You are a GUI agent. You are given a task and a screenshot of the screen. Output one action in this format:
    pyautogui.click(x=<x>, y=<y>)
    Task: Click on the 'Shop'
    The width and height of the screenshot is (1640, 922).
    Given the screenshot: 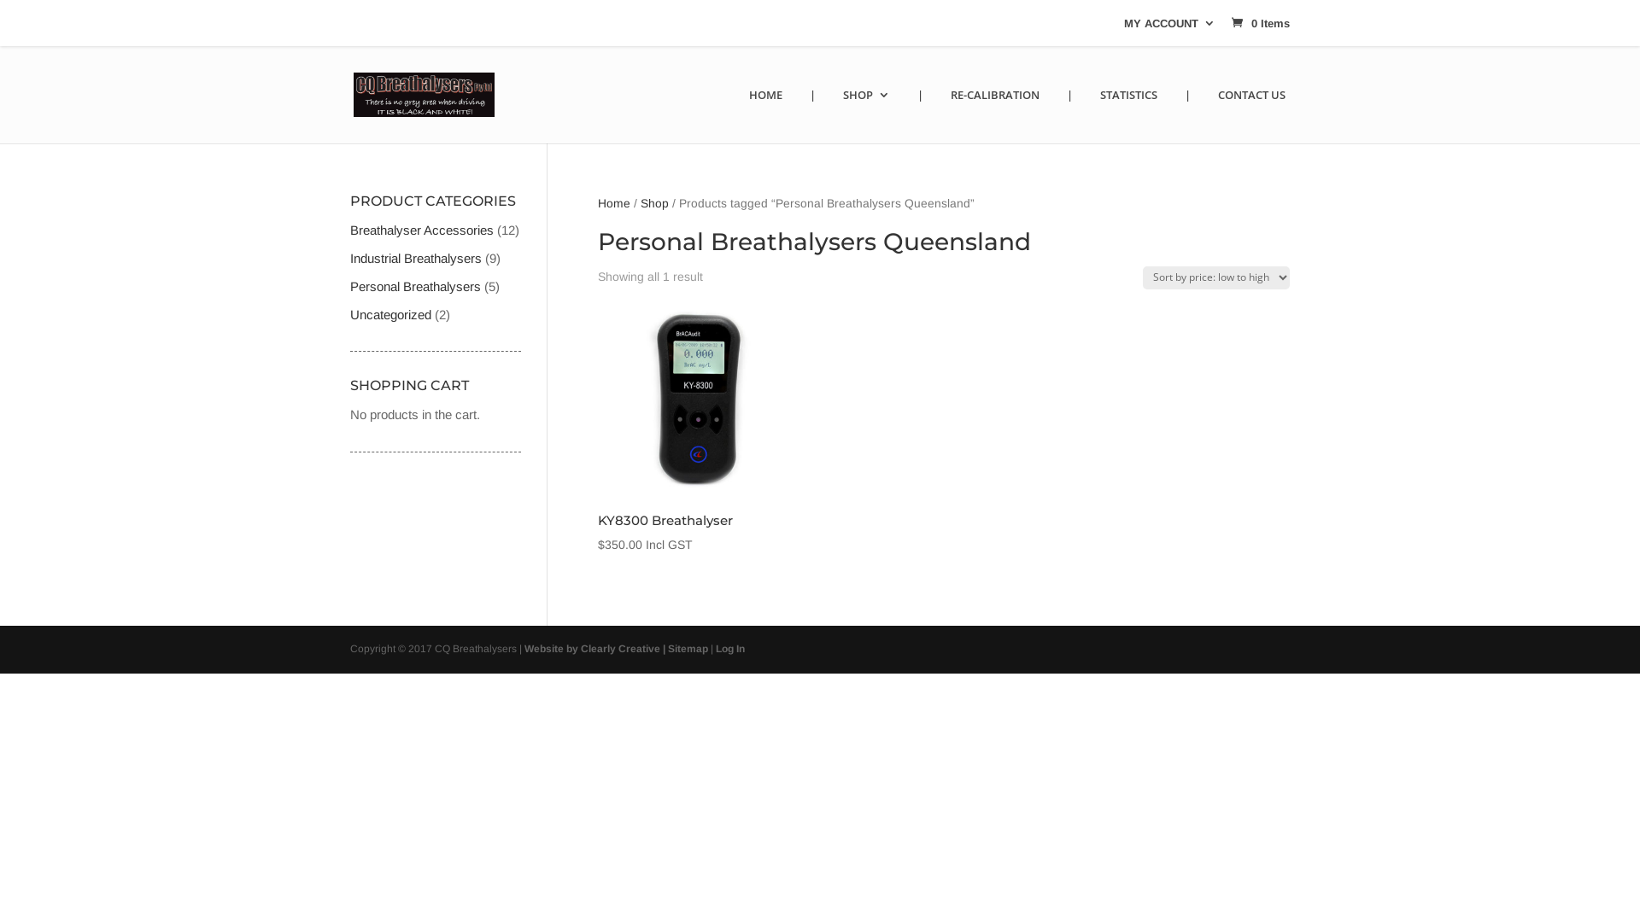 What is the action you would take?
    pyautogui.click(x=653, y=202)
    